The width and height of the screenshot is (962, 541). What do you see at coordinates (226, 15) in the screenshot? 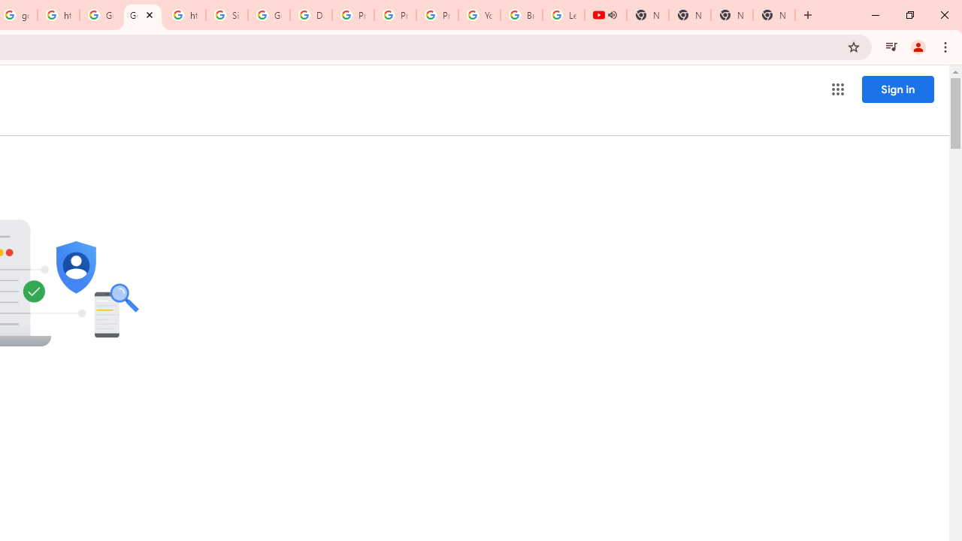
I see `'Sign in - Google Accounts'` at bounding box center [226, 15].